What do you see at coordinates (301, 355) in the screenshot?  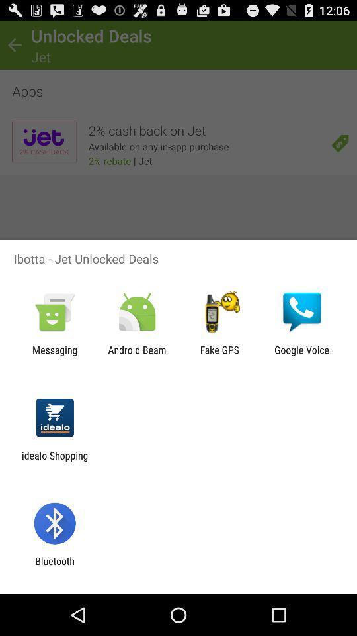 I see `the app to the right of the fake gps icon` at bounding box center [301, 355].